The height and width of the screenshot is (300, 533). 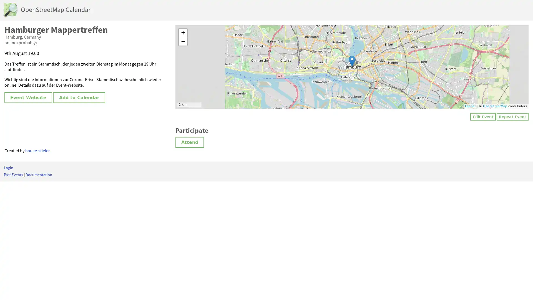 I want to click on Attend, so click(x=190, y=142).